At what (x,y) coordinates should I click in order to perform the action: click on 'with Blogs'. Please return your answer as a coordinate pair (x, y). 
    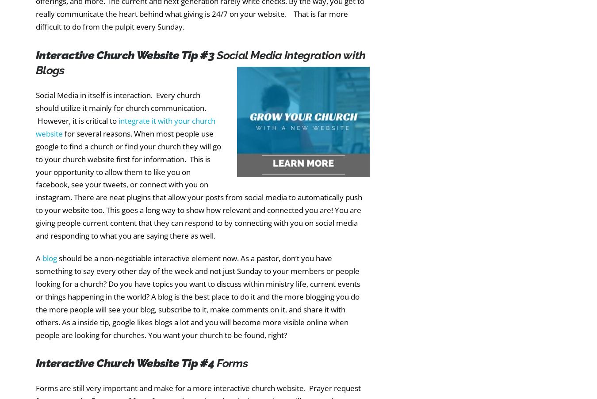
    Looking at the image, I should click on (35, 62).